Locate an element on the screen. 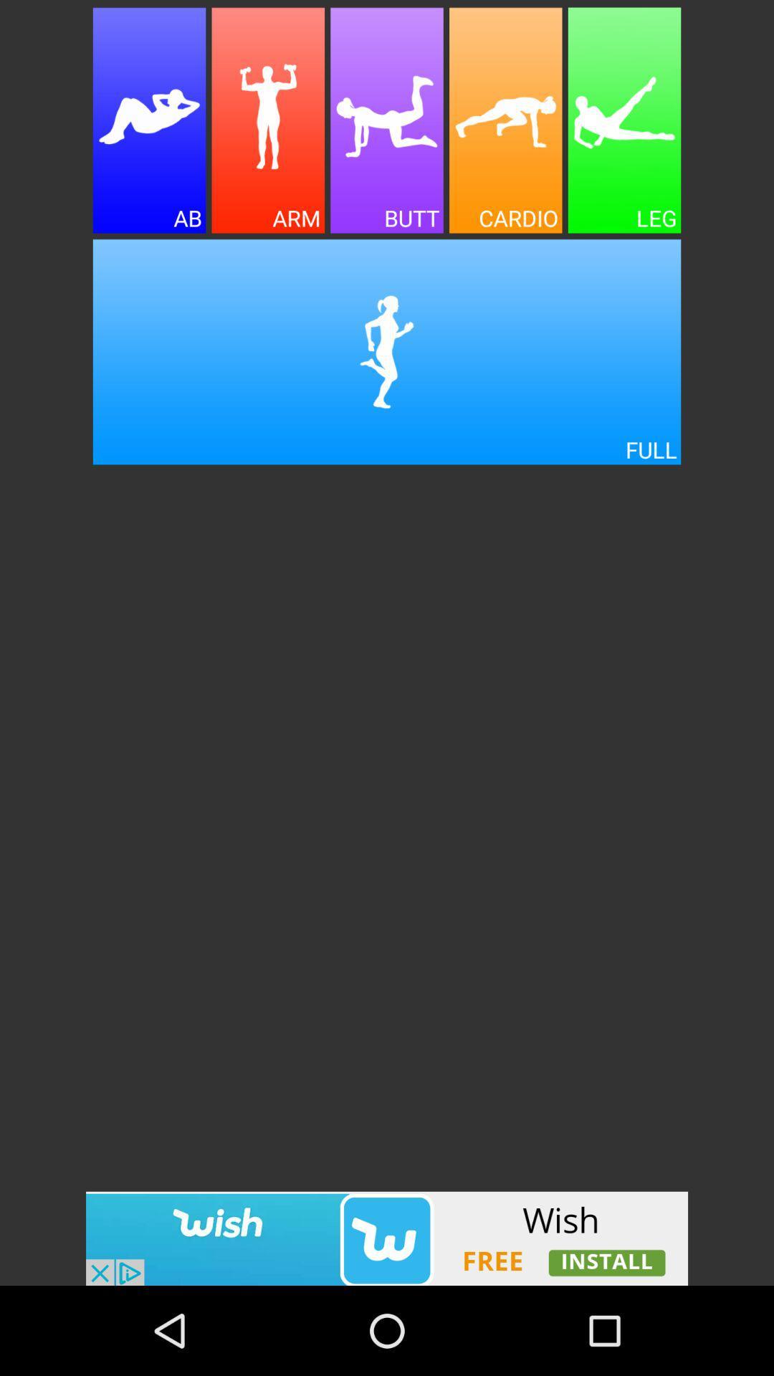  working on leg exercises is located at coordinates (623, 120).